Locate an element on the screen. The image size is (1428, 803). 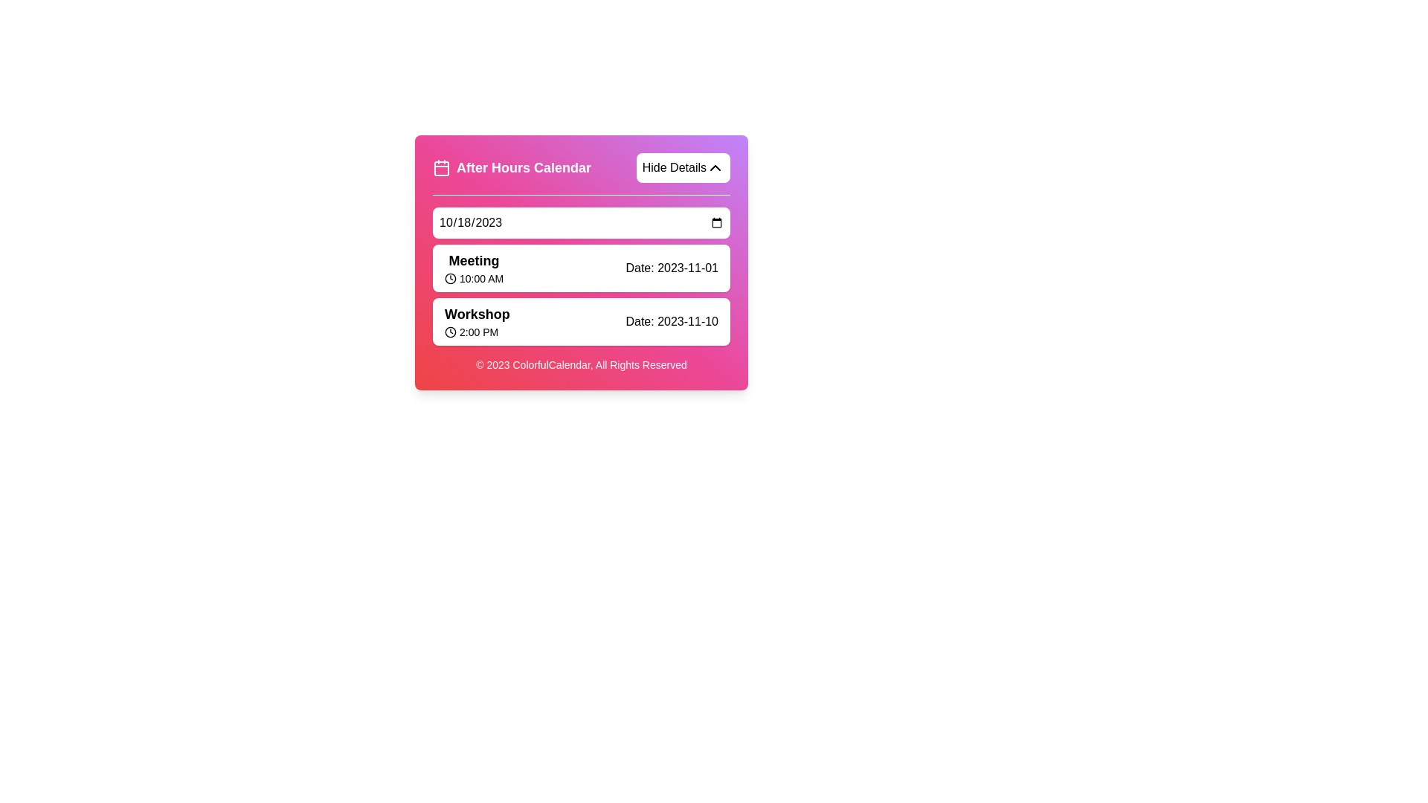
the first Information block (event details) that displays the title, time, and date of a meeting, located below the date input field and above the 'Workshop' event is located at coordinates (581, 268).